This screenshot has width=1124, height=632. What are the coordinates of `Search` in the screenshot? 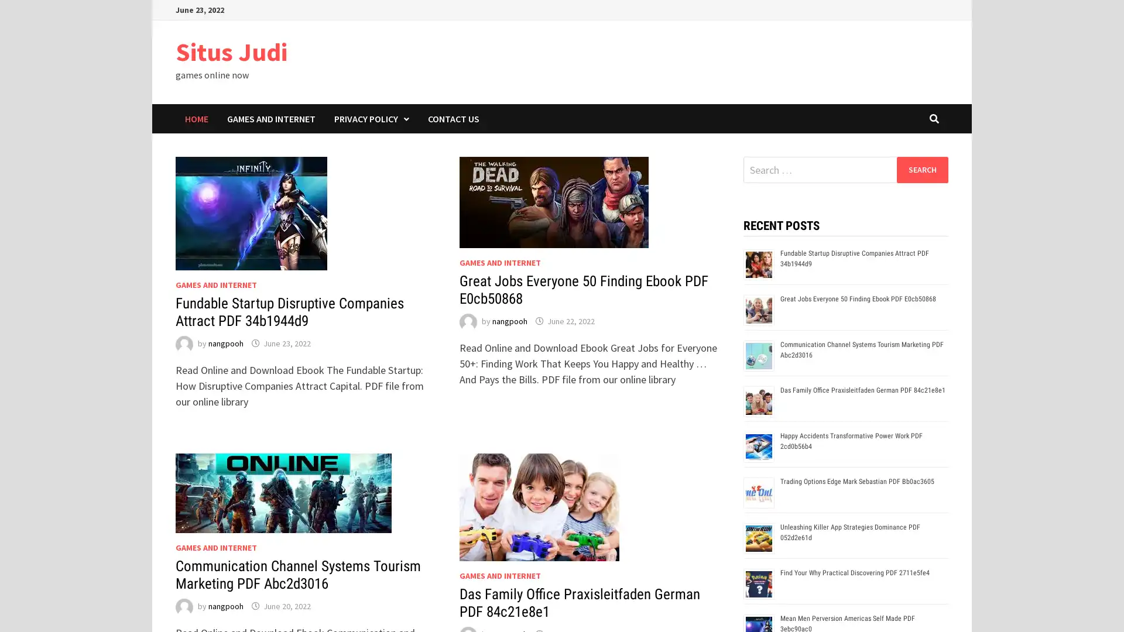 It's located at (921, 169).